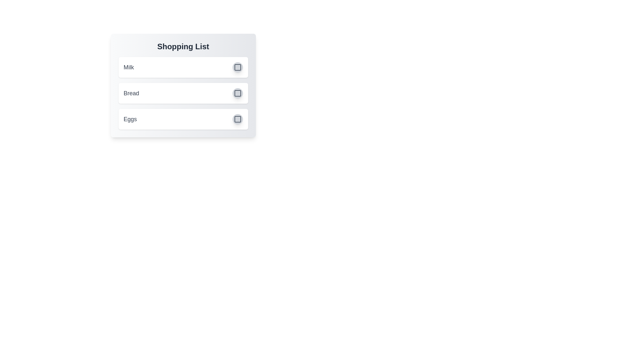 The width and height of the screenshot is (622, 350). What do you see at coordinates (183, 93) in the screenshot?
I see `the list item Bread to observe the hover effect` at bounding box center [183, 93].